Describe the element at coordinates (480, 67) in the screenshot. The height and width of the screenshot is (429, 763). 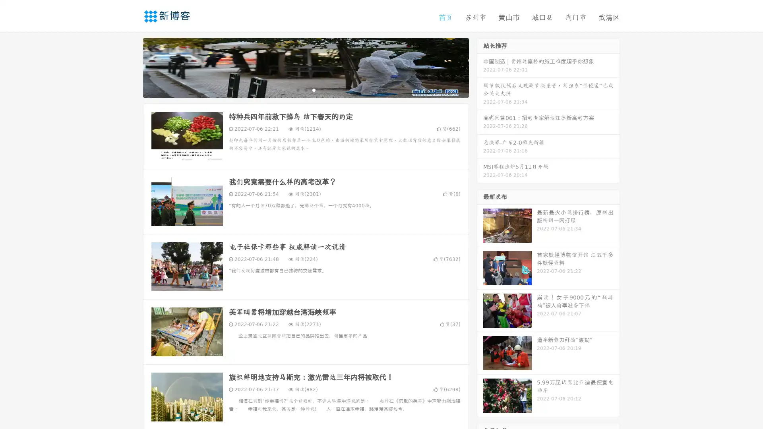
I see `Next slide` at that location.